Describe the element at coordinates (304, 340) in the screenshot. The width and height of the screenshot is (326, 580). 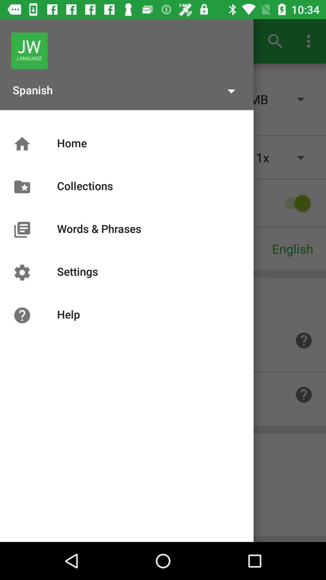
I see `the help icon` at that location.